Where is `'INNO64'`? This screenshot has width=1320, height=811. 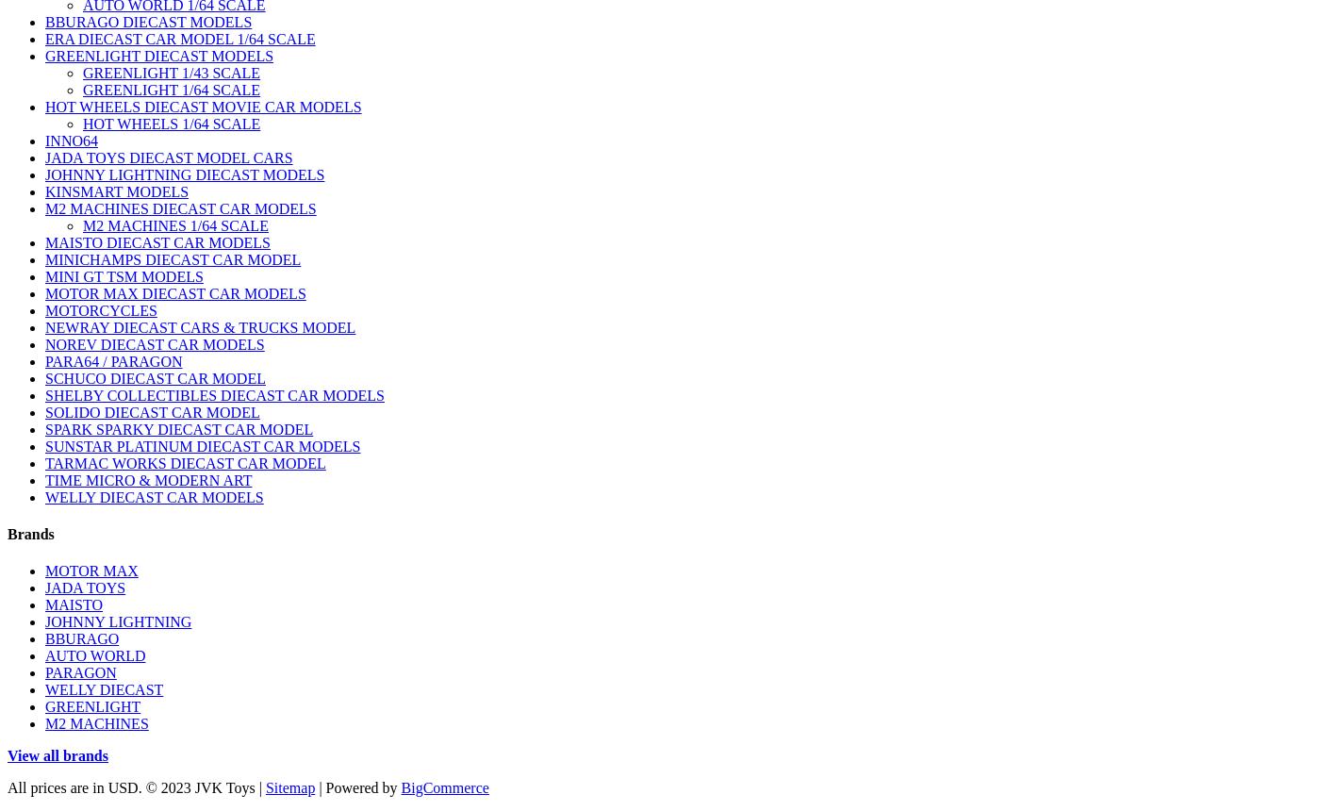 'INNO64' is located at coordinates (72, 140).